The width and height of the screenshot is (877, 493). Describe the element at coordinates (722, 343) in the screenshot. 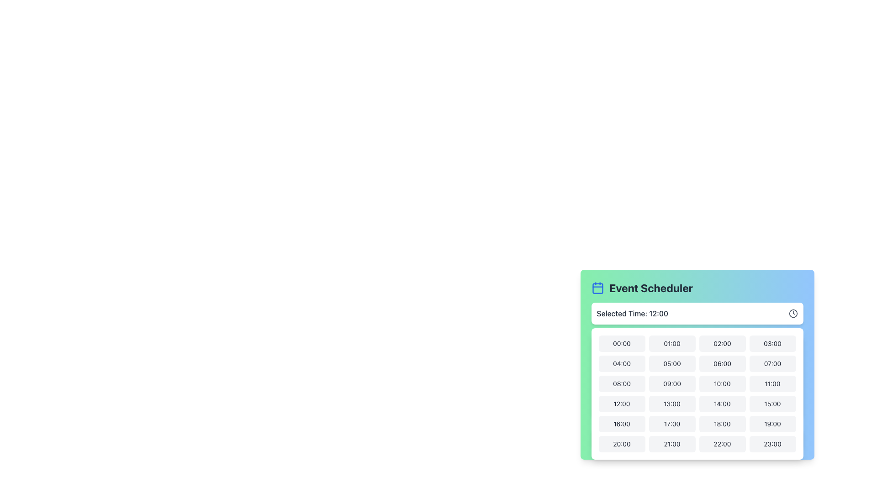

I see `the button labeled '02:00' using keyboard navigation` at that location.